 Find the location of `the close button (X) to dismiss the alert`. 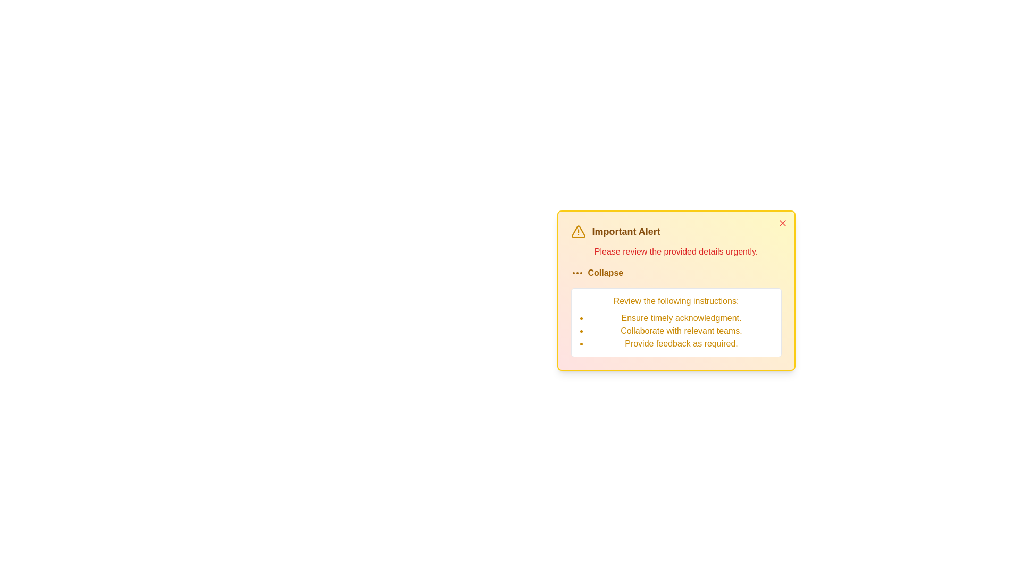

the close button (X) to dismiss the alert is located at coordinates (782, 223).